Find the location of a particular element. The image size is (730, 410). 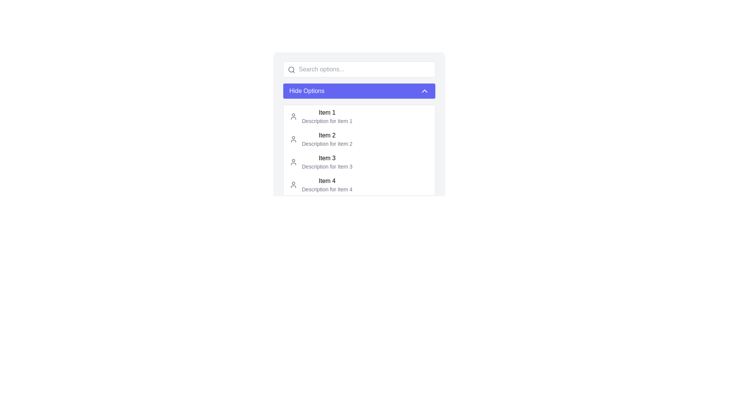

the fourth list item, which provides a title and description for user selection, located below the search bar and 'Hide Options' toggle is located at coordinates (327, 184).